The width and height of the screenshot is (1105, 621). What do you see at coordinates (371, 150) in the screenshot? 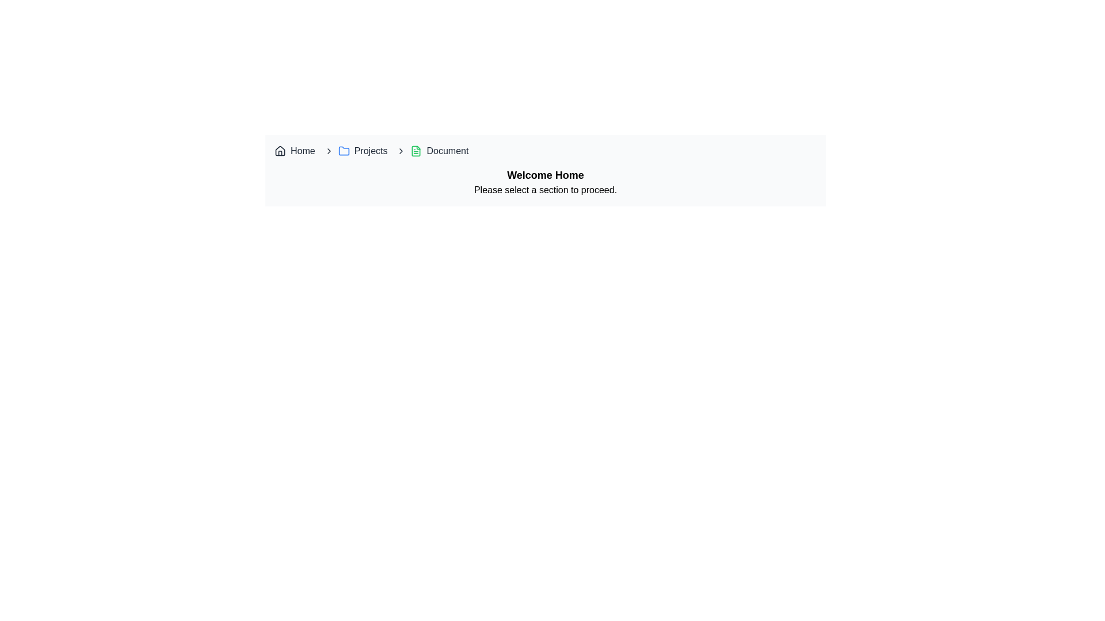
I see `the 'Projects' breadcrumb link` at bounding box center [371, 150].